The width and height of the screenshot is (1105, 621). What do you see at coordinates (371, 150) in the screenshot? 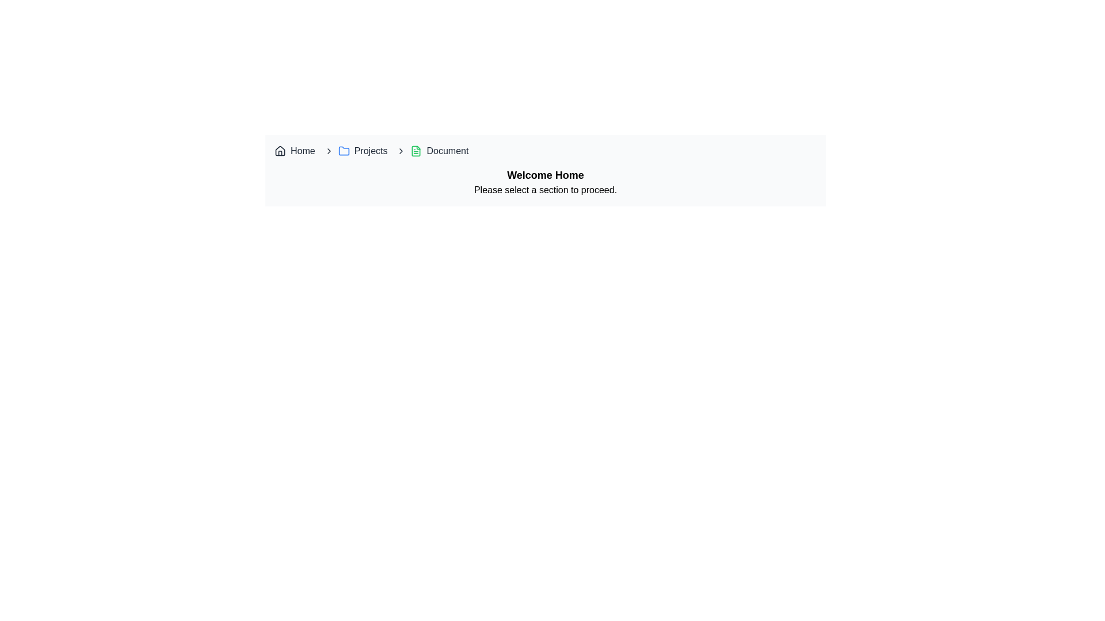
I see `the 'Projects' breadcrumb link` at bounding box center [371, 150].